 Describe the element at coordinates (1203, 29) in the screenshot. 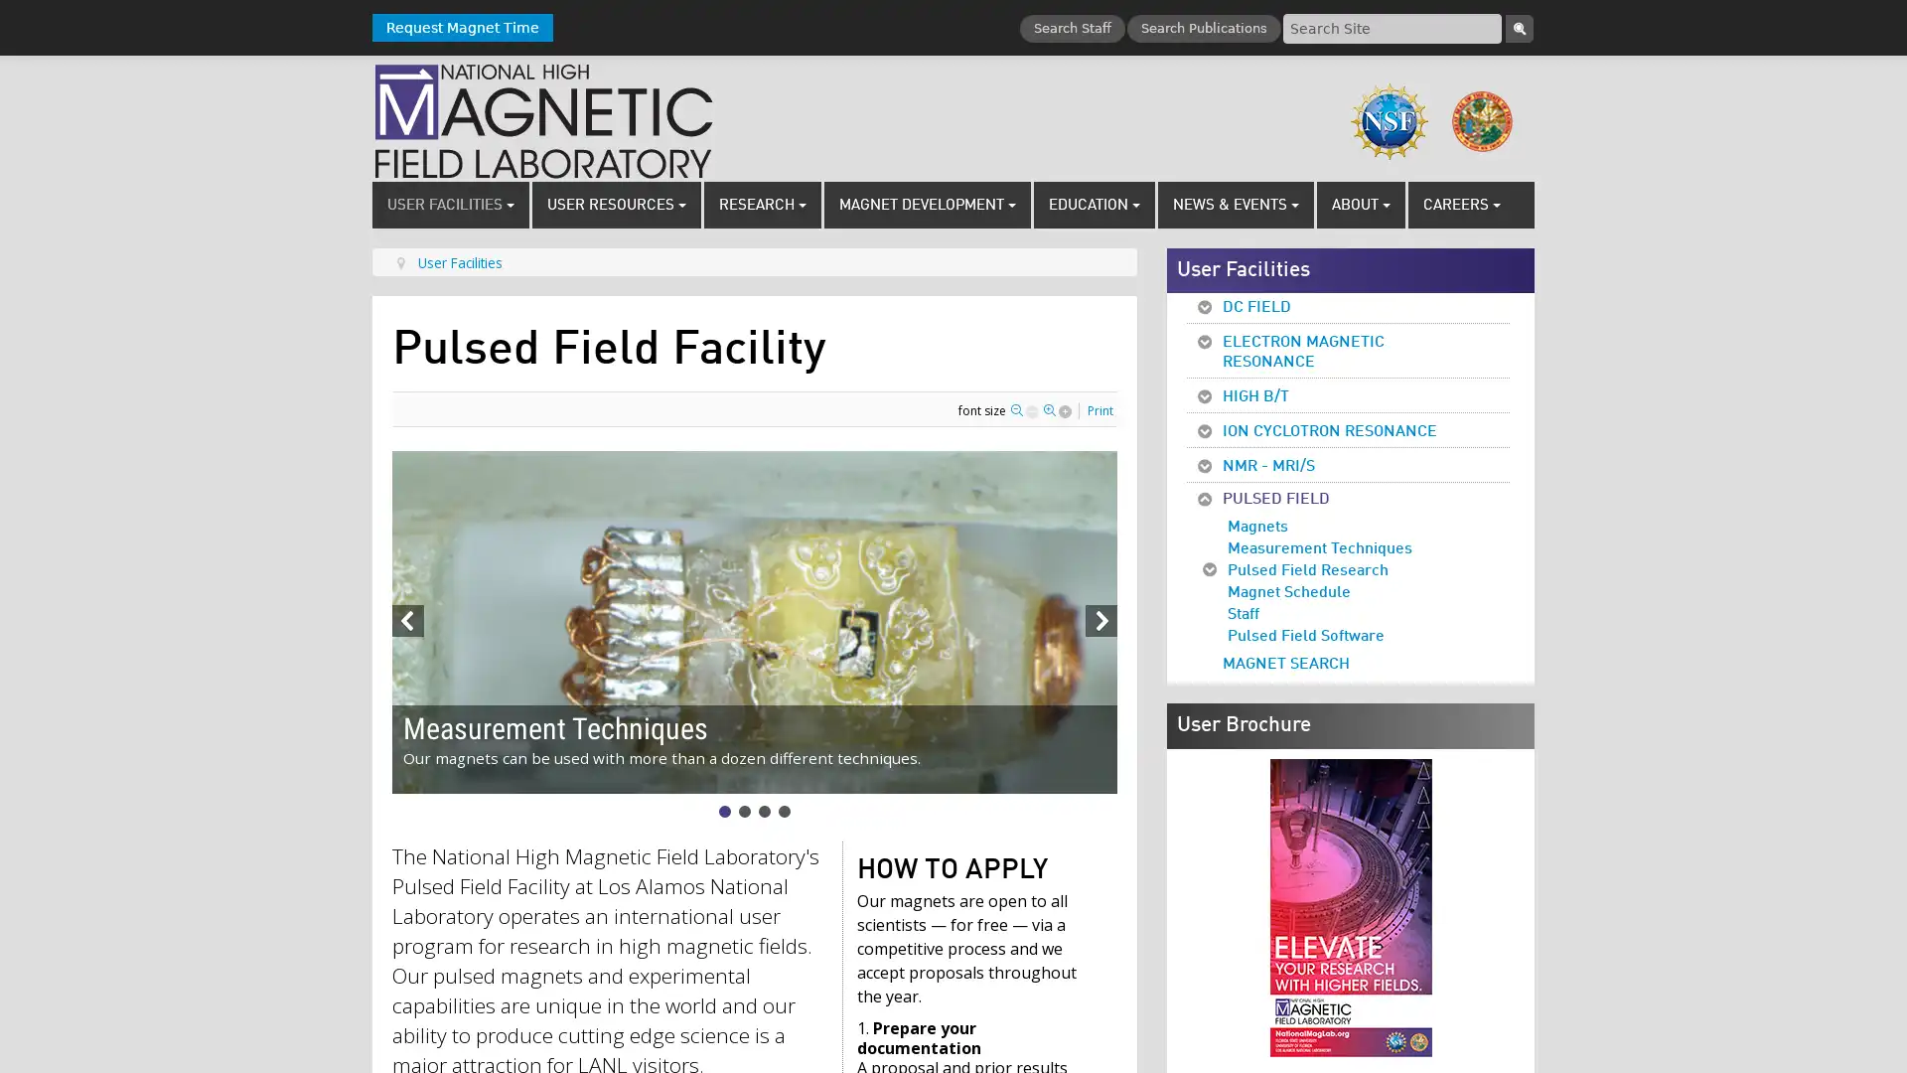

I see `Search Publications` at that location.